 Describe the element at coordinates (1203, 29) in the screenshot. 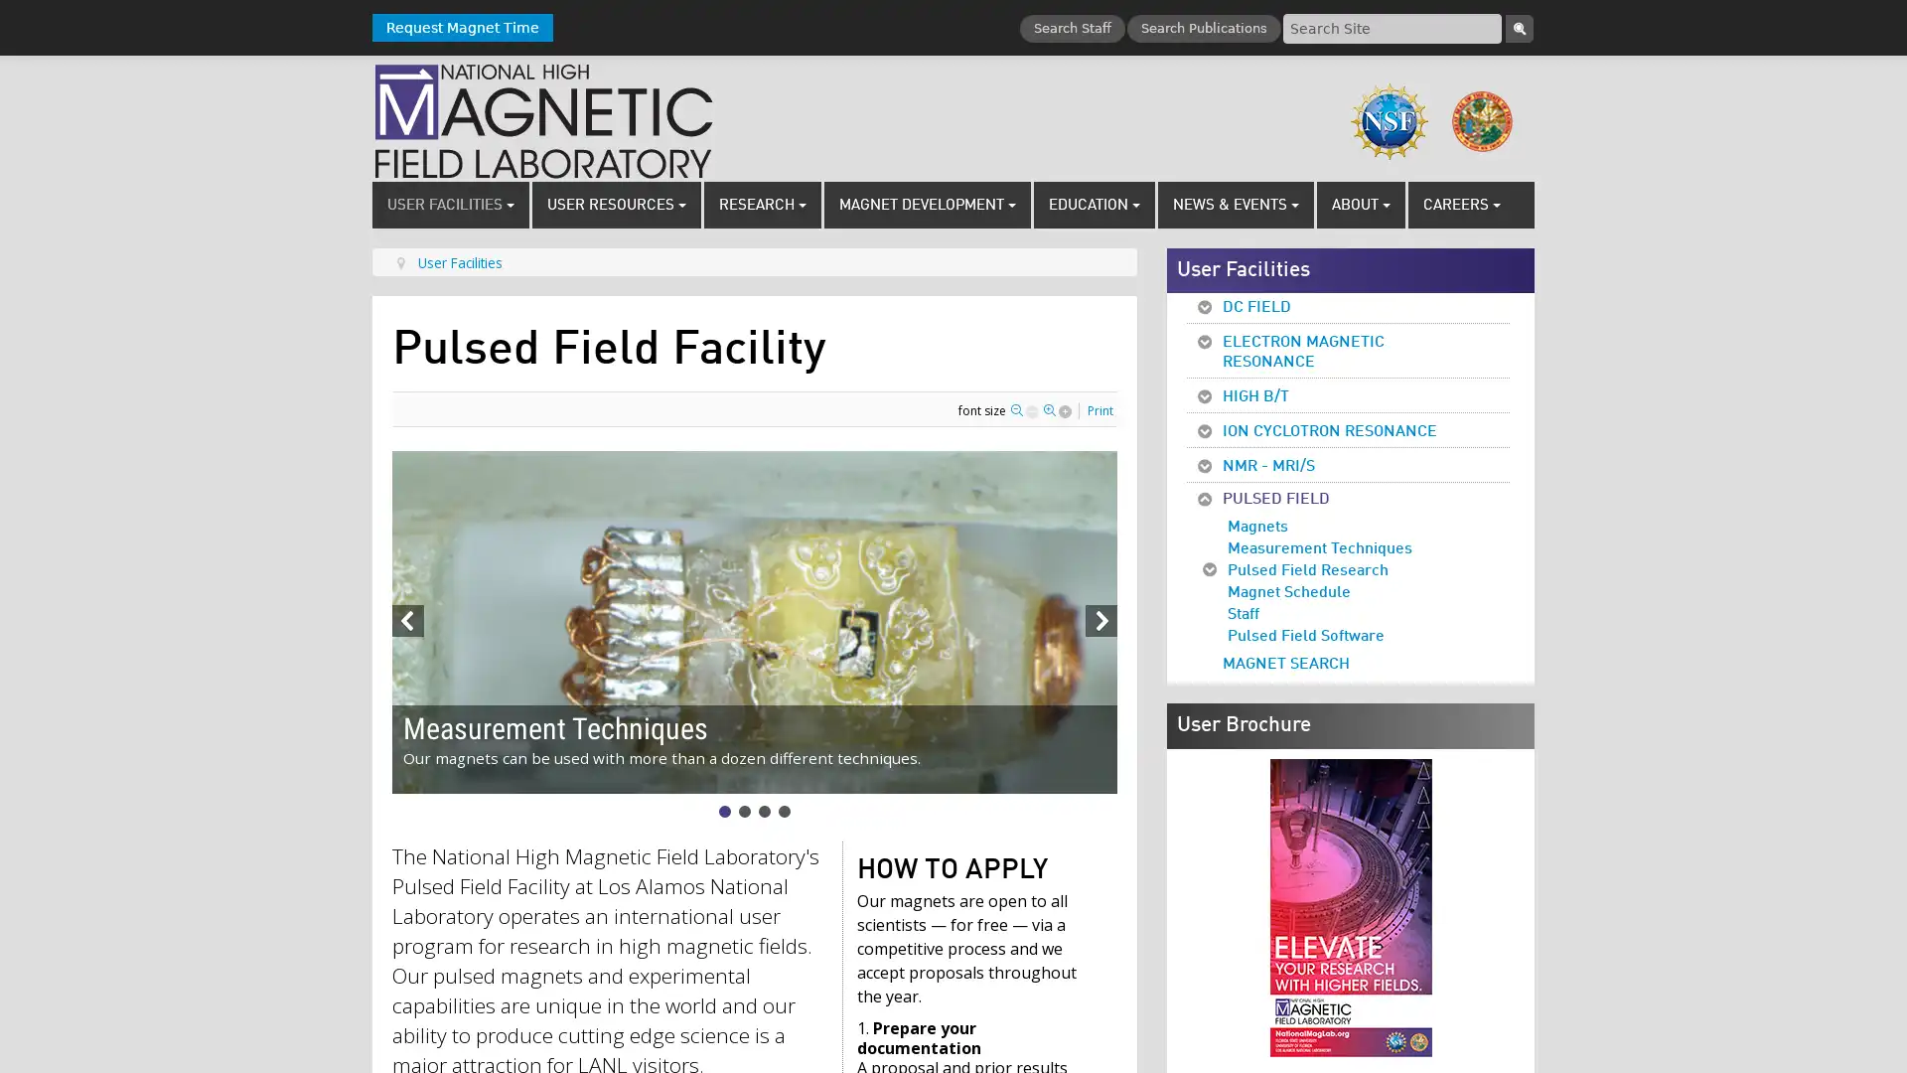

I see `Search Publications` at that location.